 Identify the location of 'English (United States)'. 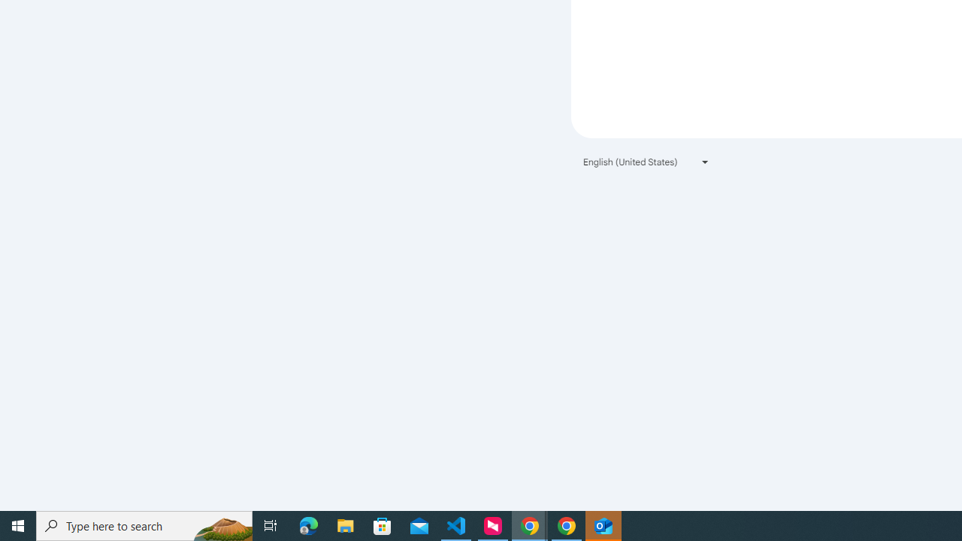
(646, 162).